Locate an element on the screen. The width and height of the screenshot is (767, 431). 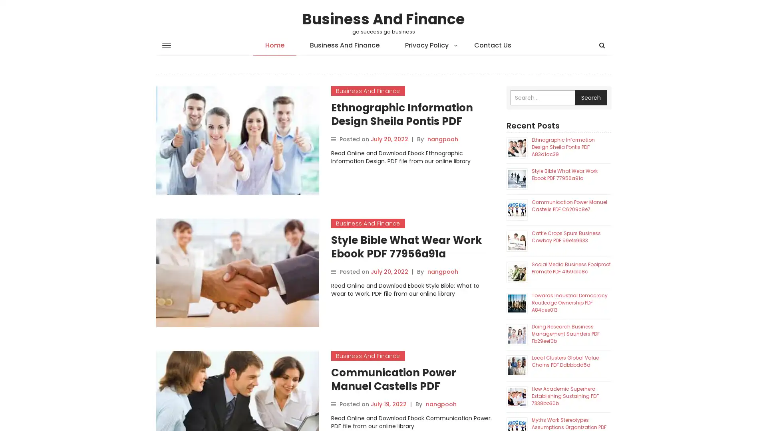
Search is located at coordinates (591, 97).